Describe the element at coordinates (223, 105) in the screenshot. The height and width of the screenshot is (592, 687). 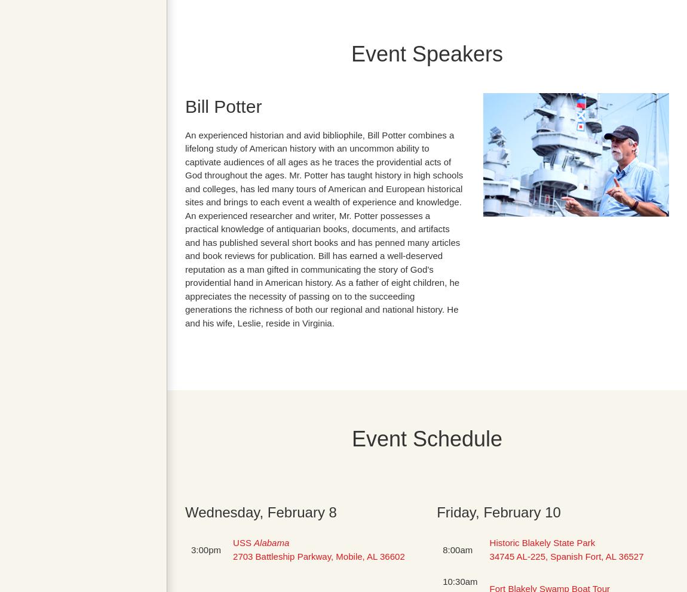
I see `'Bill Potter'` at that location.